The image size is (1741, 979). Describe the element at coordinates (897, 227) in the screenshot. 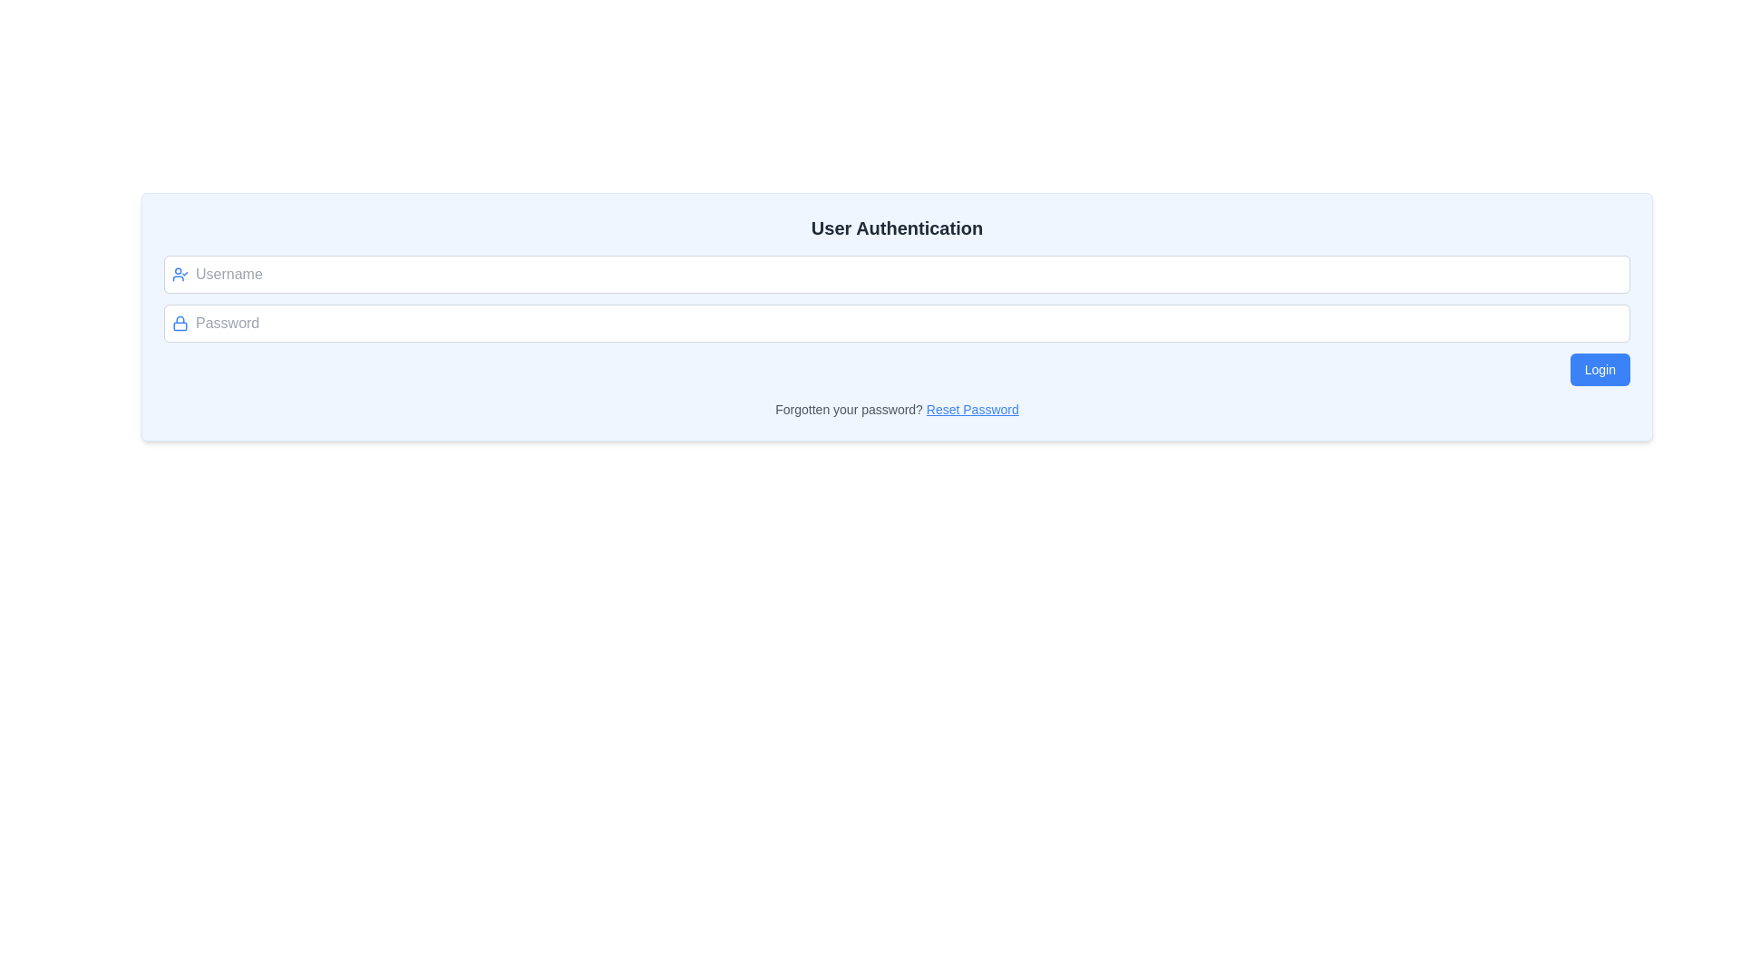

I see `the header text 'User Authentication', which is styled in bold, extra-large font and located at the top of the login section` at that location.